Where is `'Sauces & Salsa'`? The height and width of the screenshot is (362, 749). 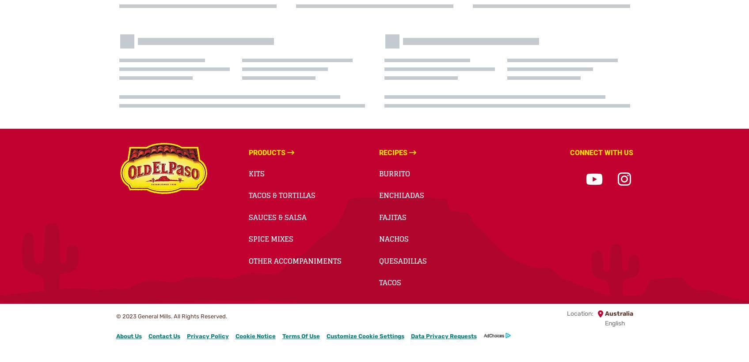 'Sauces & Salsa' is located at coordinates (248, 216).